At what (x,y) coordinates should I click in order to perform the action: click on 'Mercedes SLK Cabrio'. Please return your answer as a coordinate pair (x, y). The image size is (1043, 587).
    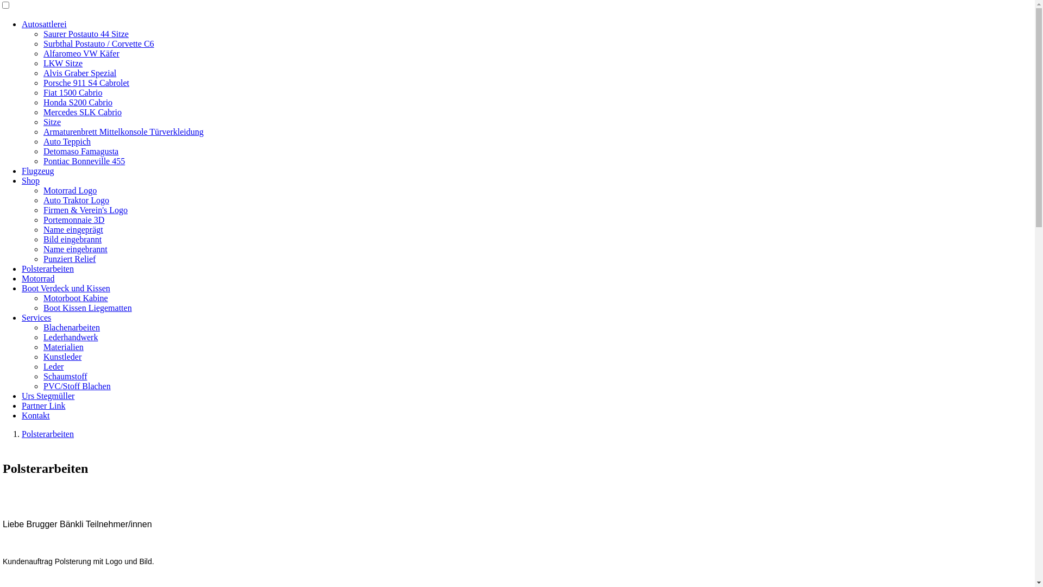
    Looking at the image, I should click on (82, 112).